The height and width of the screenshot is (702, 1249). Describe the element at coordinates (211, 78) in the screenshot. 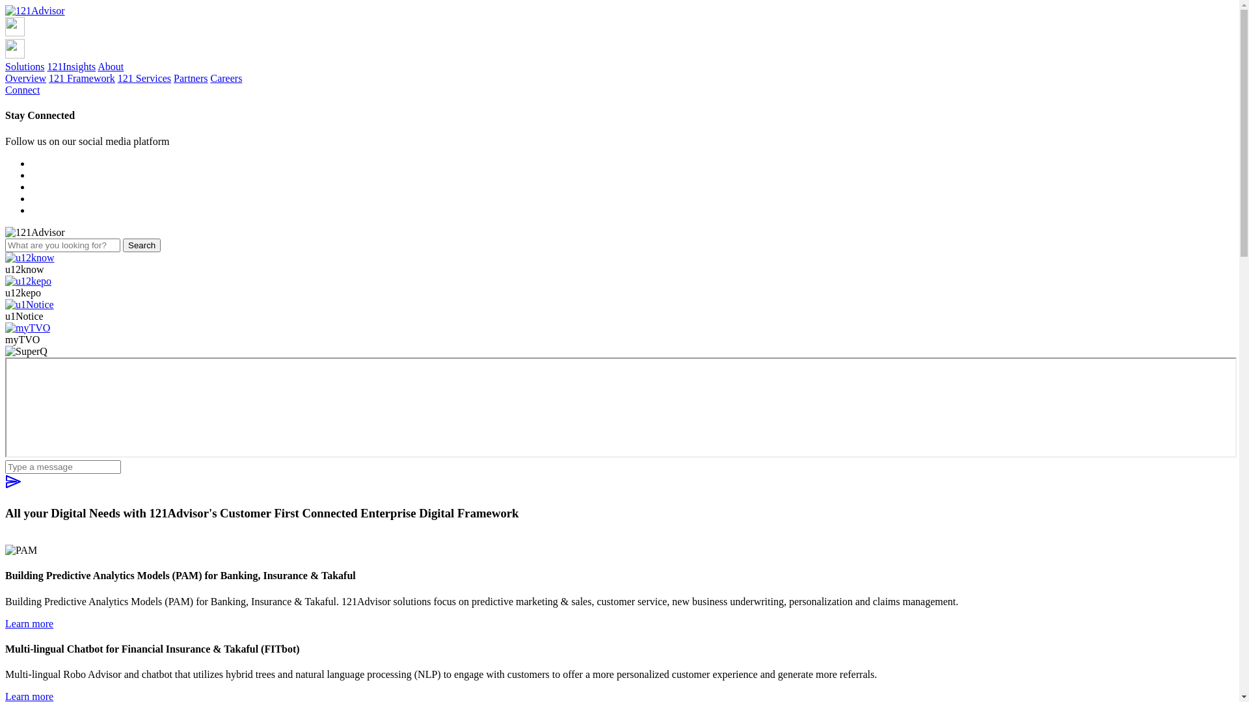

I see `'Careers'` at that location.